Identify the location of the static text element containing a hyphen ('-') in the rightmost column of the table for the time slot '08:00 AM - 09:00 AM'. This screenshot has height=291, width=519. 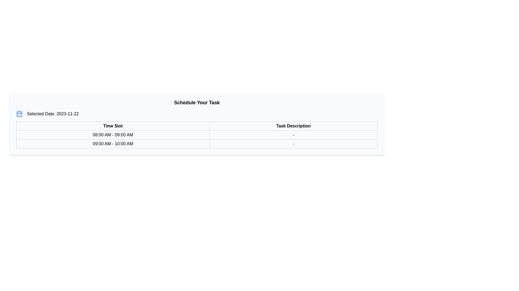
(293, 135).